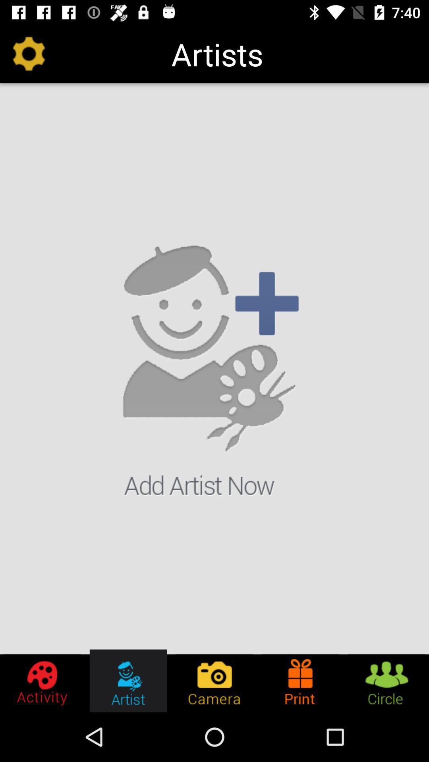 This screenshot has height=762, width=429. What do you see at coordinates (386, 680) in the screenshot?
I see `the group icon` at bounding box center [386, 680].